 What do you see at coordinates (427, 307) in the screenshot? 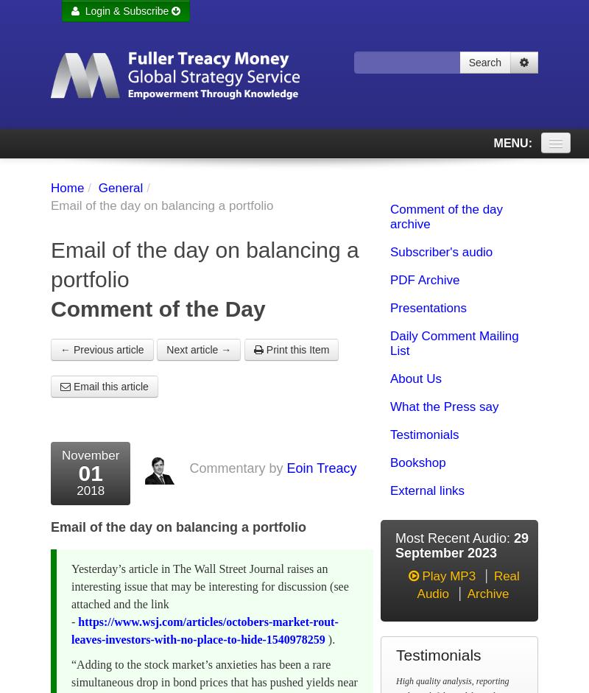
I see `'Presentations'` at bounding box center [427, 307].